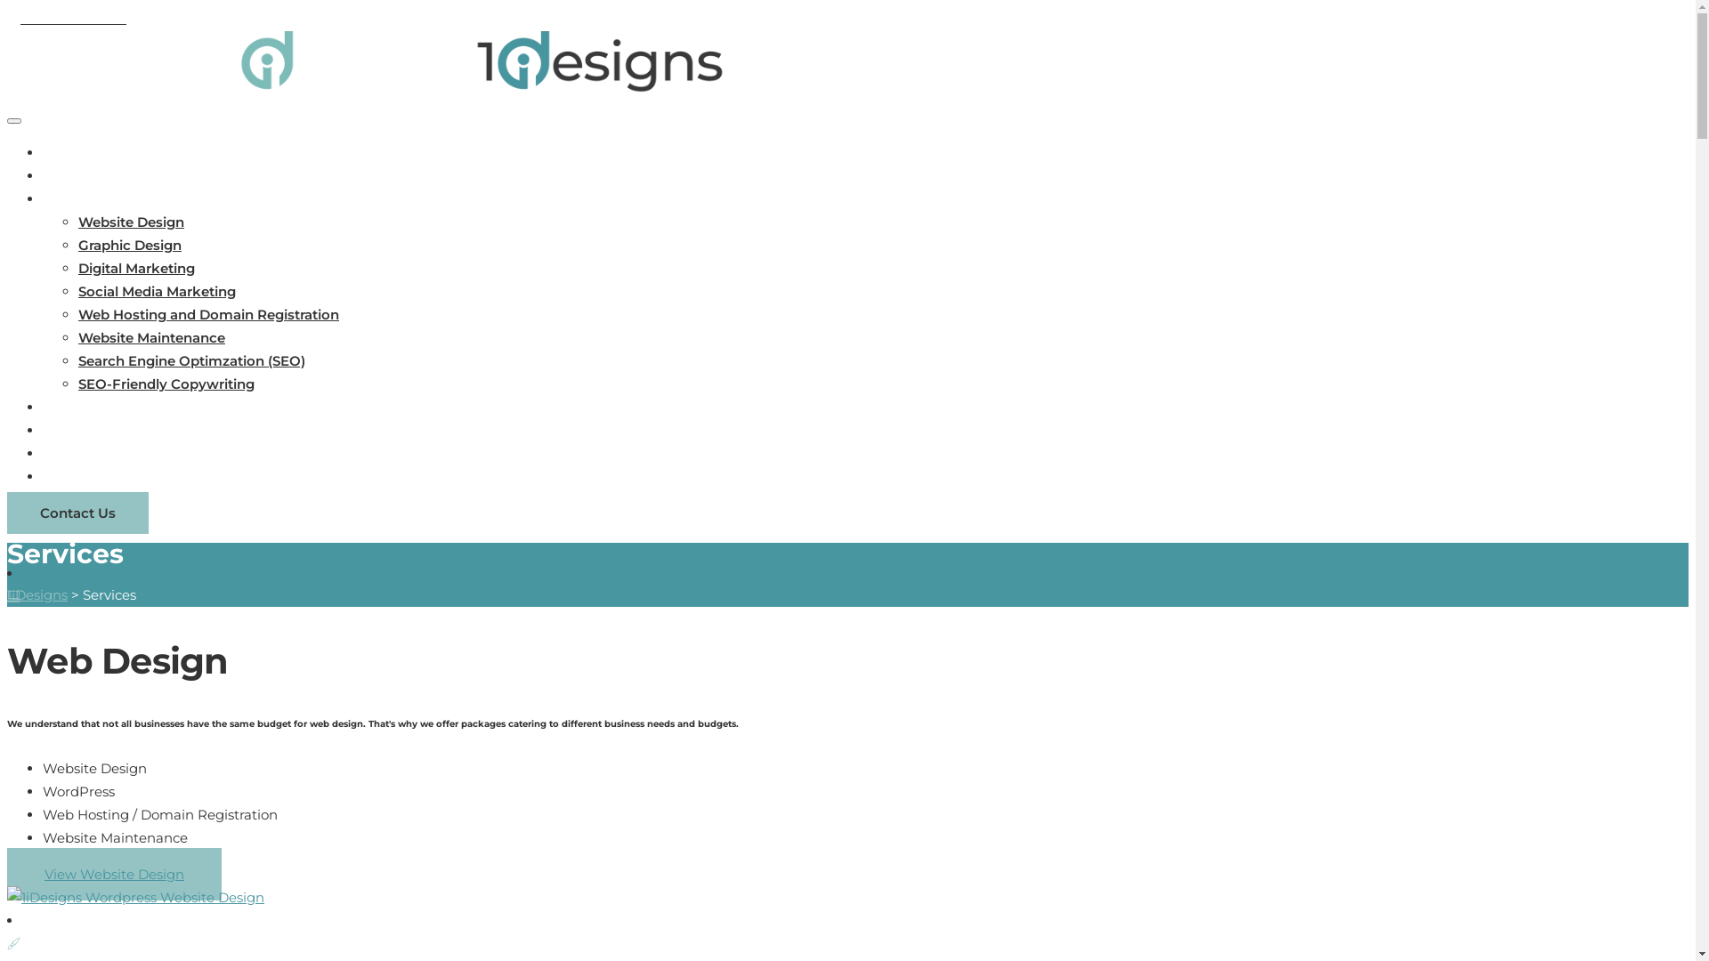  Describe the element at coordinates (37, 594) in the screenshot. I see `'1iDesigns'` at that location.